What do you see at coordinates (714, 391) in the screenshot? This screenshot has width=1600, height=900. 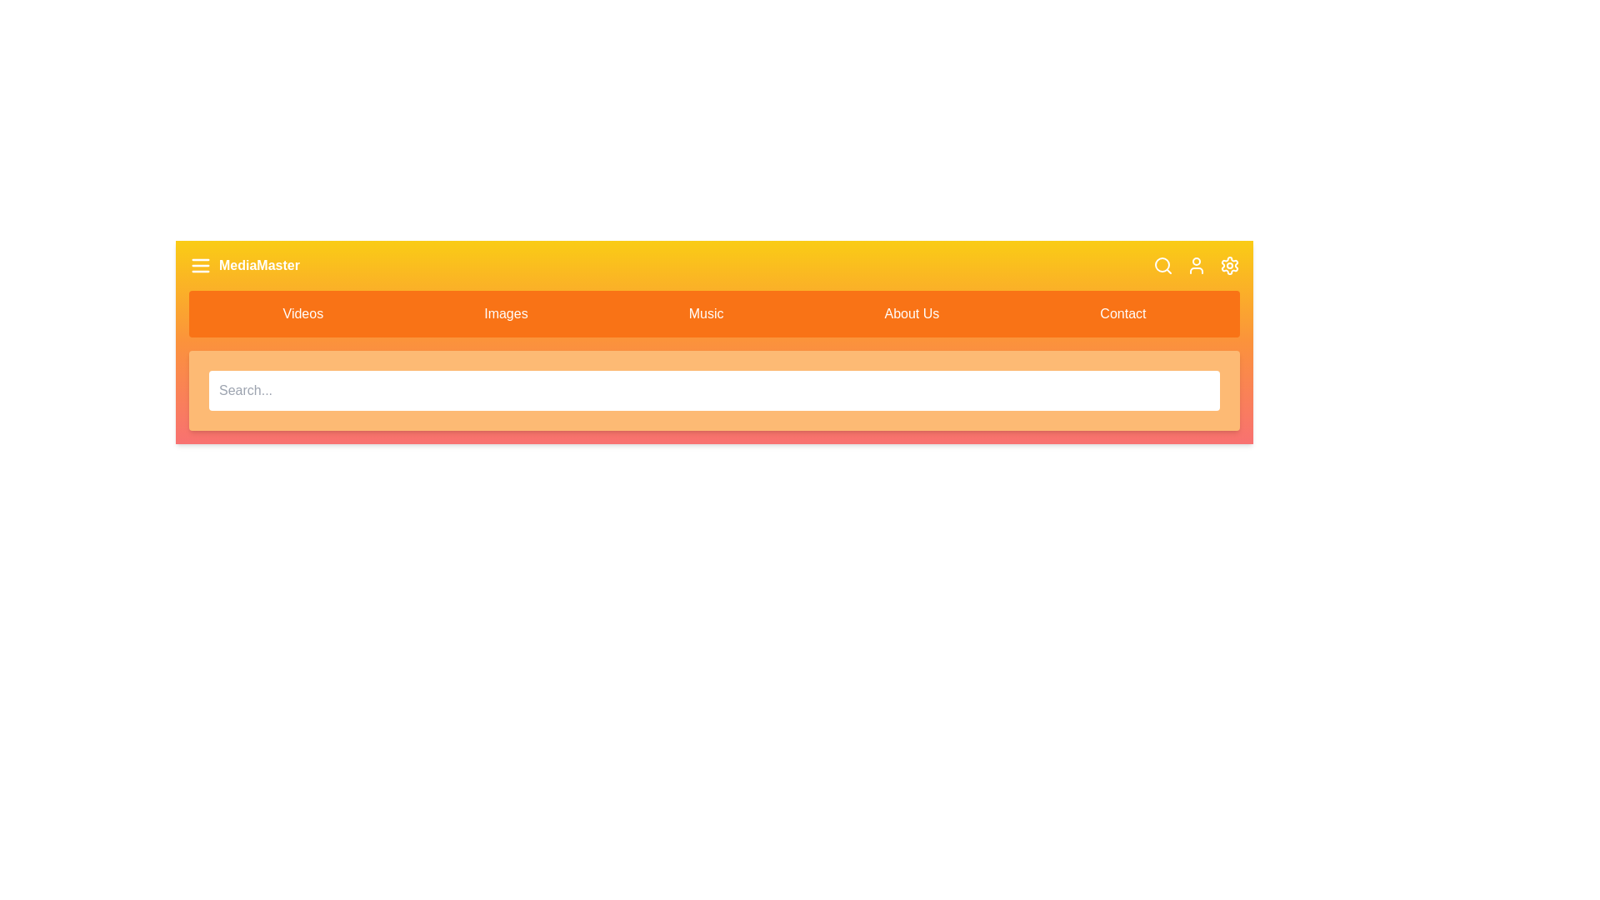 I see `the search input field and type the text 'example'` at bounding box center [714, 391].